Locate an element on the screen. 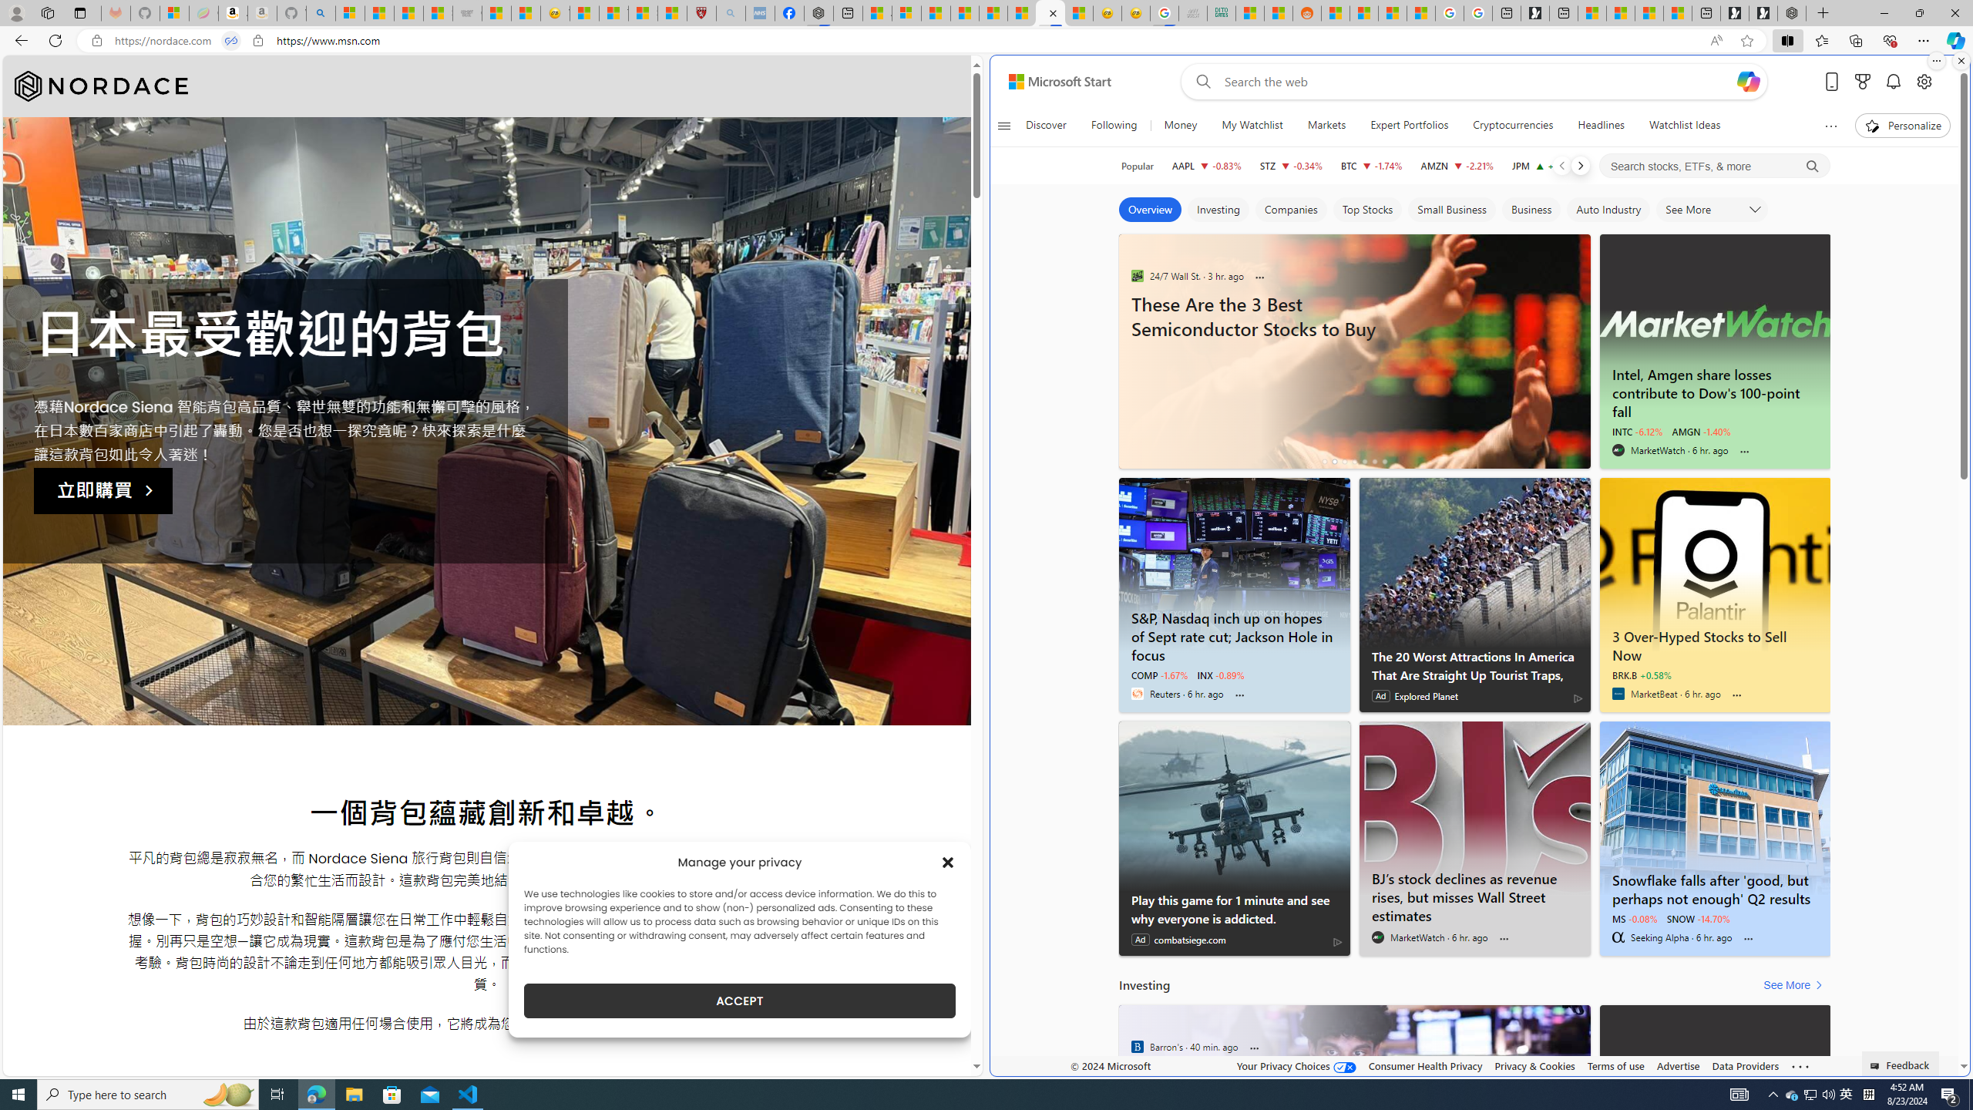  'Cryptocurrencies' is located at coordinates (1512, 125).